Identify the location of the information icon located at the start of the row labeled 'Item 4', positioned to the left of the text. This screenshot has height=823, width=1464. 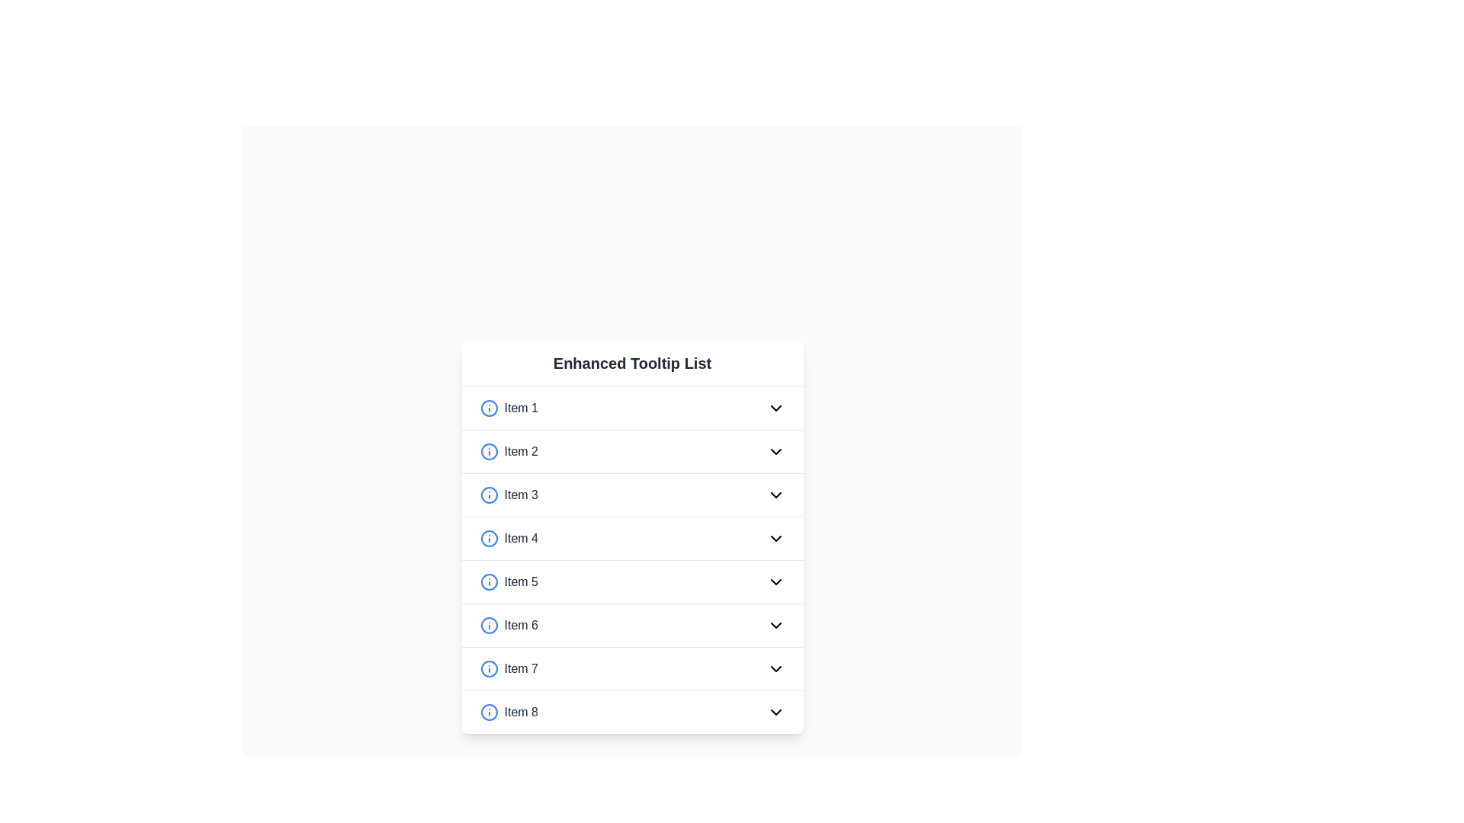
(489, 537).